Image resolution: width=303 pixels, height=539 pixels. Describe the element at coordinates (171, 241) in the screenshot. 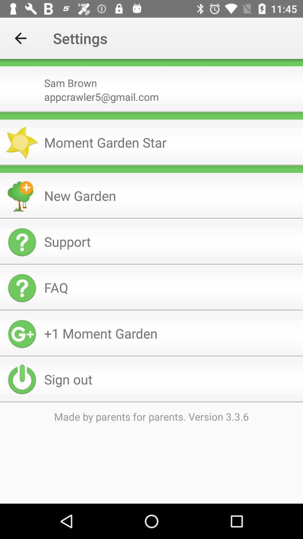

I see `the support icon` at that location.